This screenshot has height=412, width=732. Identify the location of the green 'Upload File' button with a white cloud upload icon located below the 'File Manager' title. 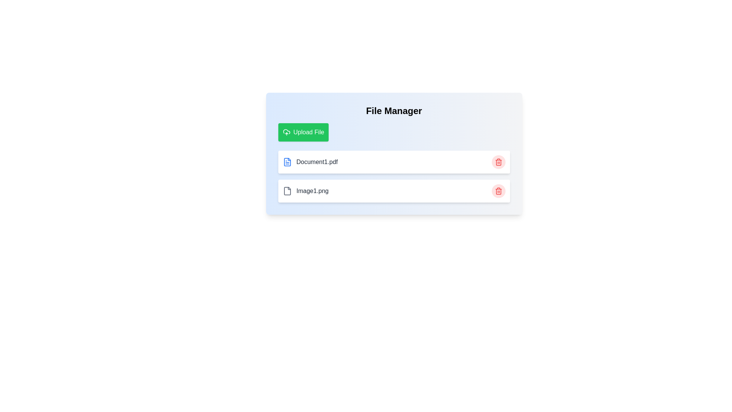
(303, 132).